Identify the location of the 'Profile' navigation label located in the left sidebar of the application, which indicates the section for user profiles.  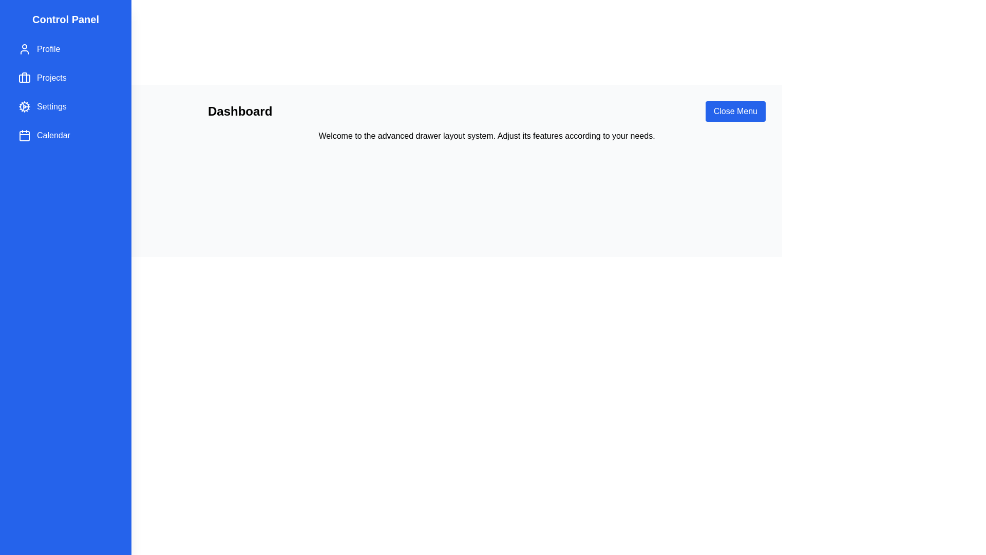
(48, 49).